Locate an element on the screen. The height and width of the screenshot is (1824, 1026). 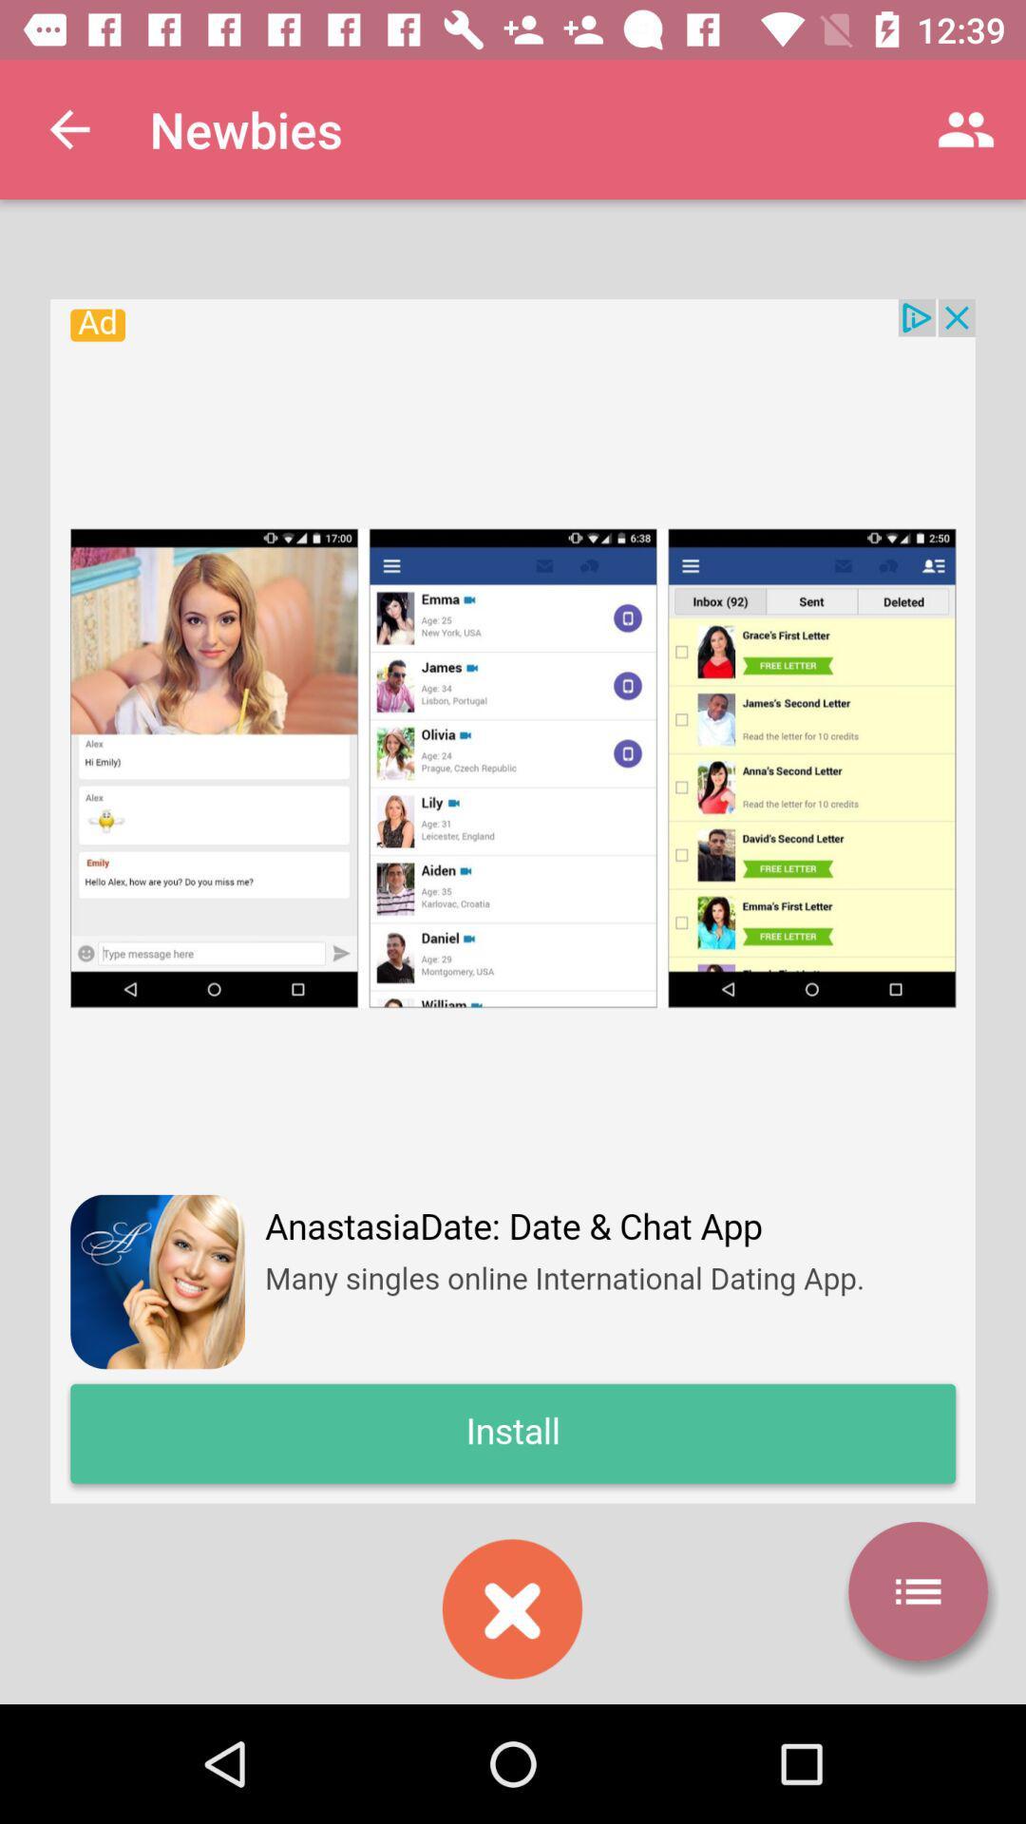
as a list is located at coordinates (917, 1591).